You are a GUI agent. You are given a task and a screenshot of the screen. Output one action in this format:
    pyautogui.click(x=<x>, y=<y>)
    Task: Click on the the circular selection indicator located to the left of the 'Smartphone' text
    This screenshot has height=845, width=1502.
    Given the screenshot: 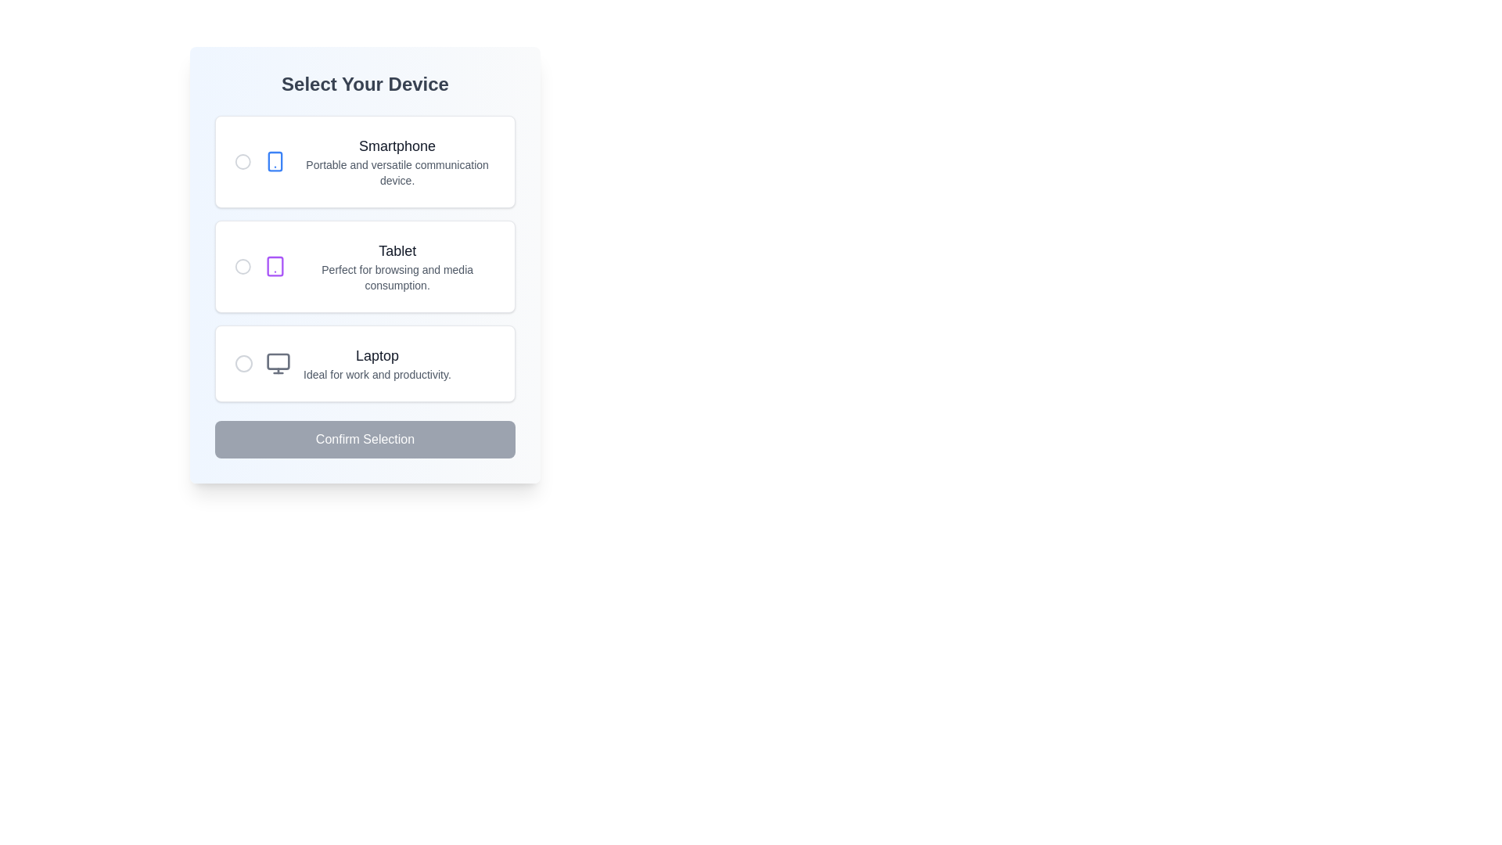 What is the action you would take?
    pyautogui.click(x=242, y=162)
    